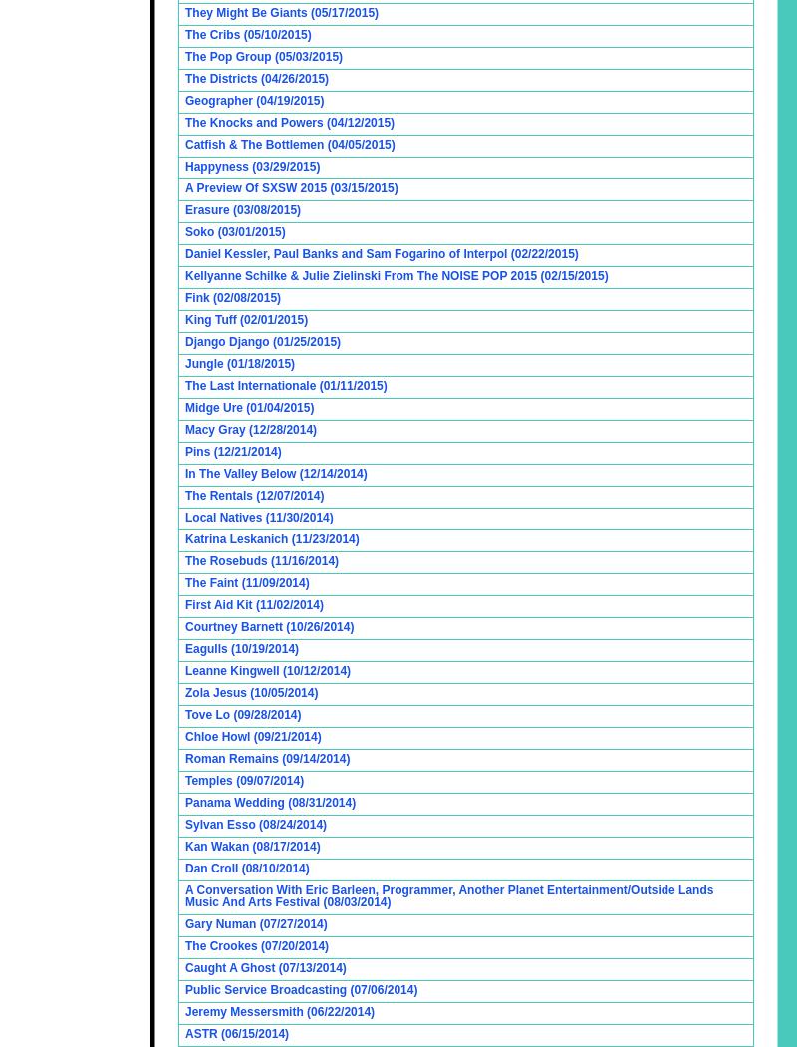 This screenshot has width=797, height=1047. I want to click on 'Fink (02/08/2015)', so click(232, 297).